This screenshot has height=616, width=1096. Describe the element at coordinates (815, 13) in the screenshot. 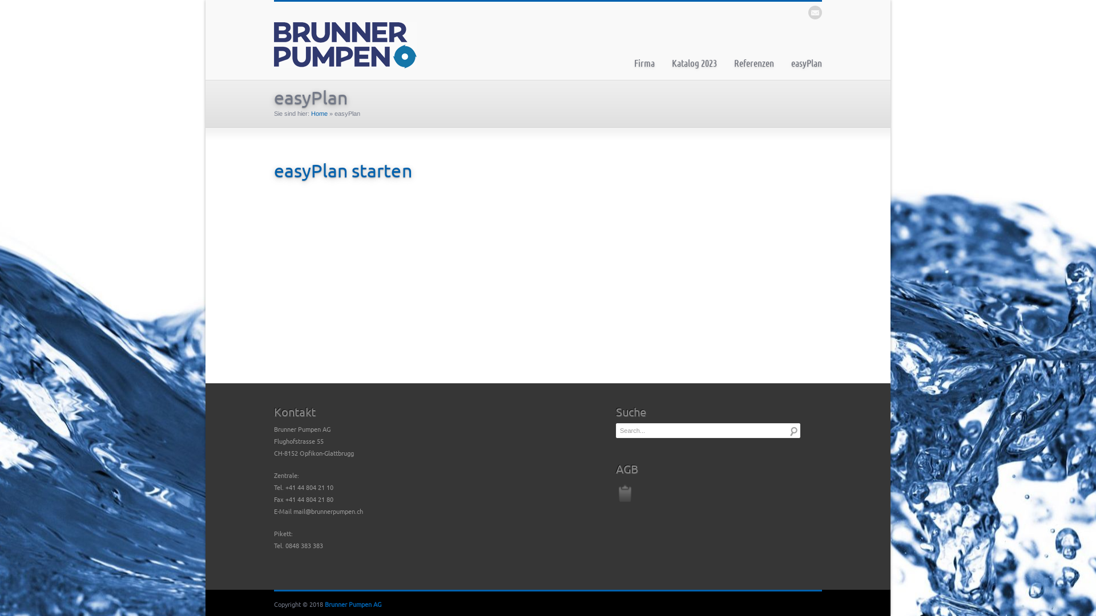

I see `'email'` at that location.